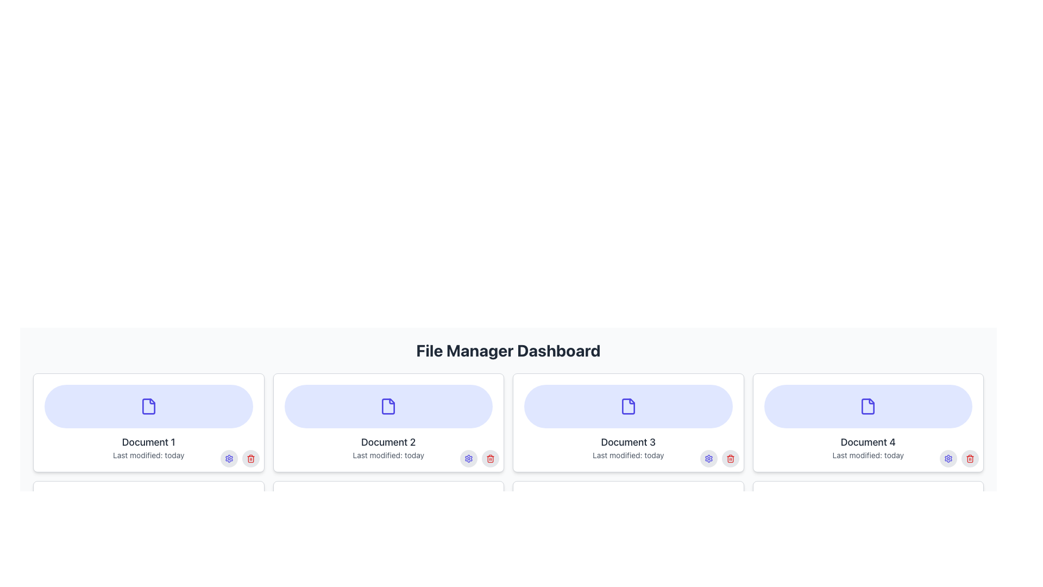 The height and width of the screenshot is (587, 1043). Describe the element at coordinates (228, 459) in the screenshot. I see `the indigo gear-shaped icon representing settings located at the bottom right corner of the first card labeled 'Document 1'` at that location.